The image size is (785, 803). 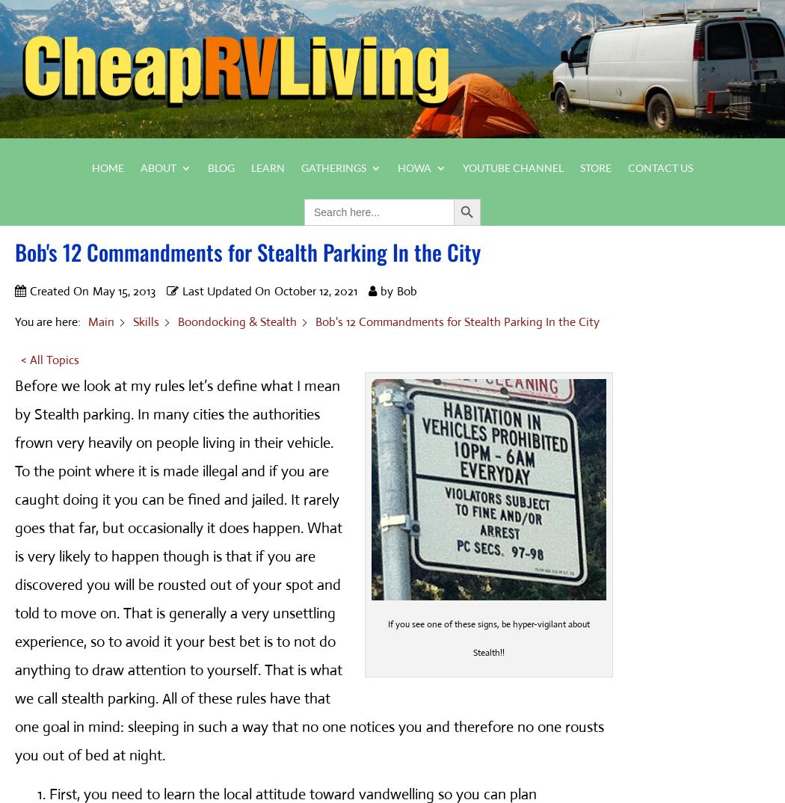 What do you see at coordinates (407, 290) in the screenshot?
I see `'Bob'` at bounding box center [407, 290].